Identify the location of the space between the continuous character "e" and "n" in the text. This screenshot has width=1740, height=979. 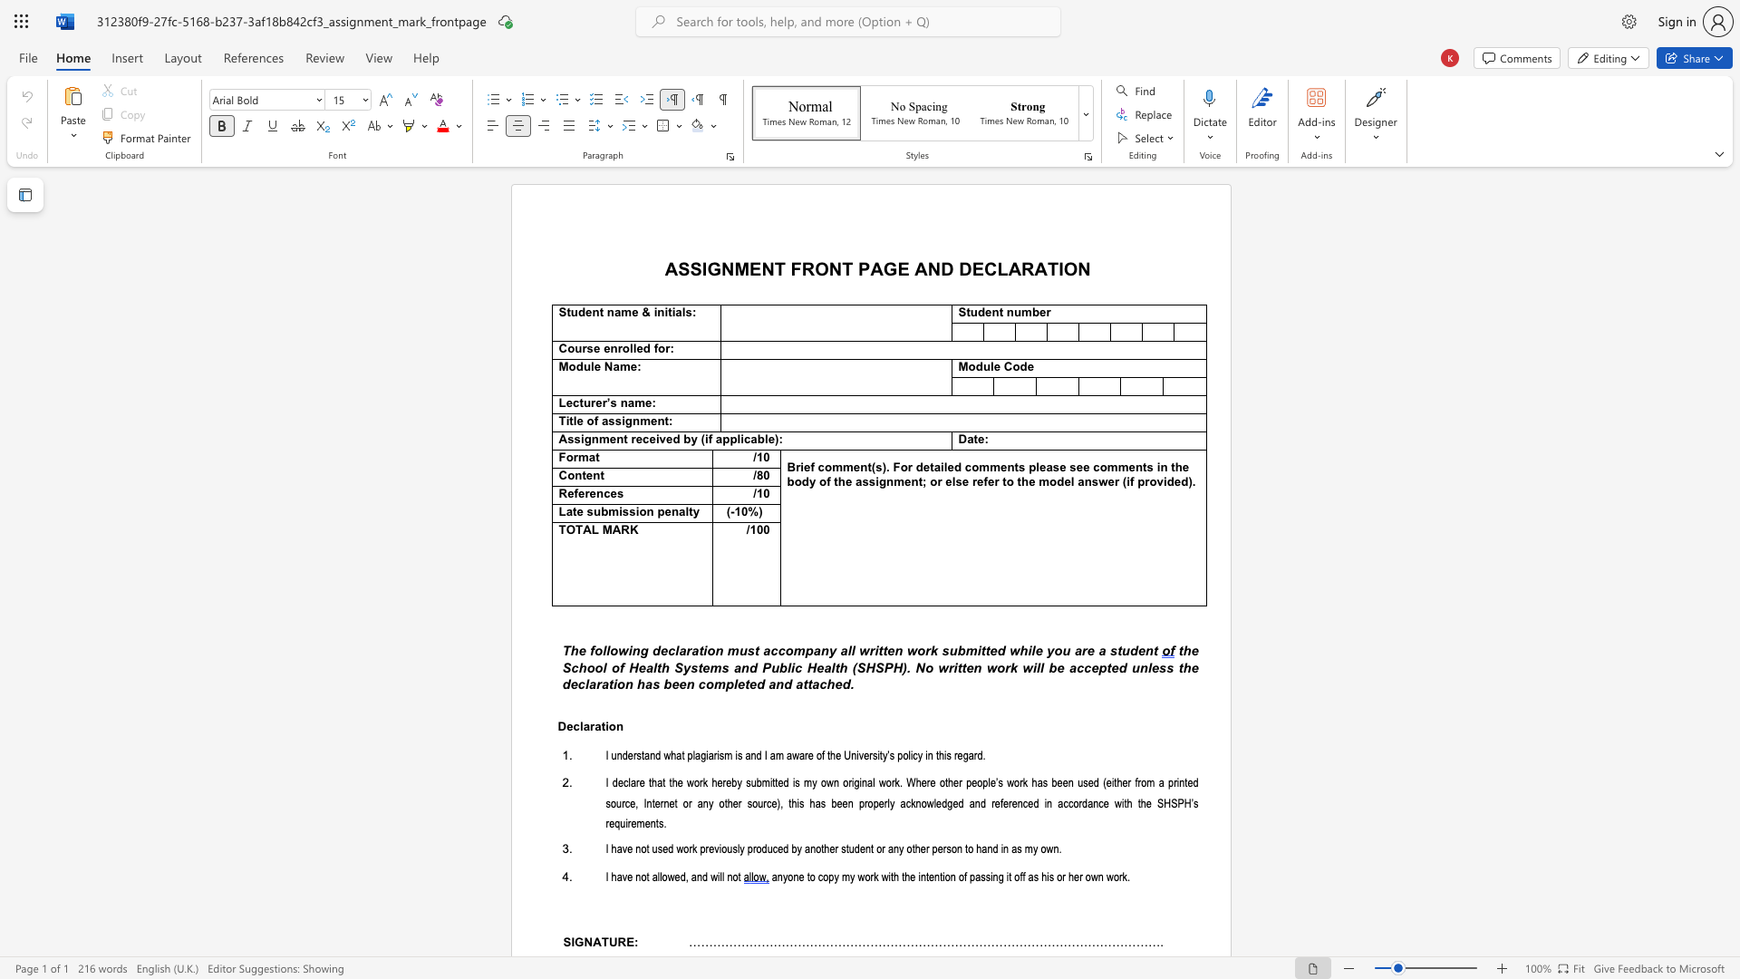
(610, 349).